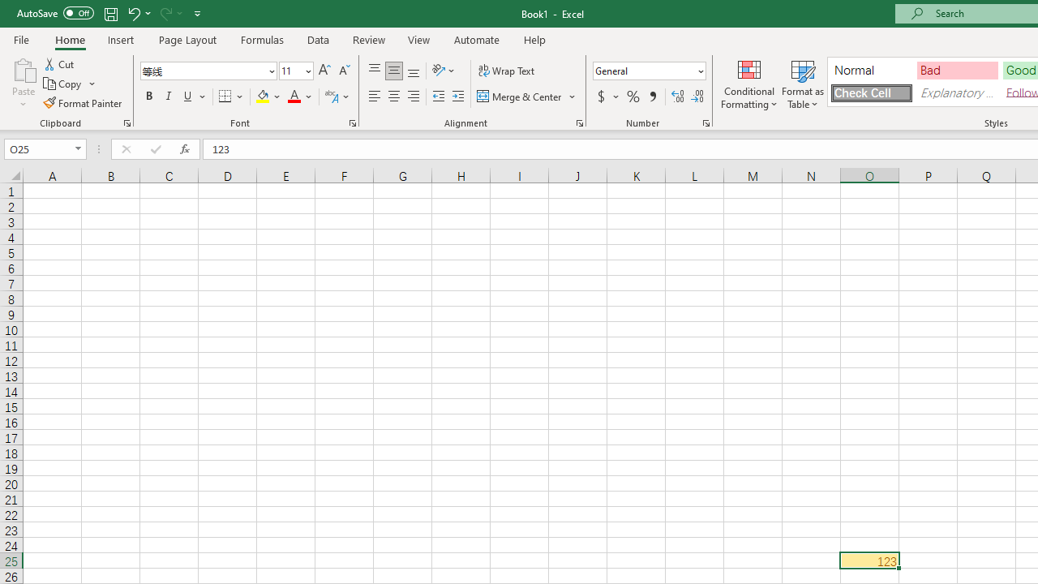 The width and height of the screenshot is (1038, 584). What do you see at coordinates (374, 70) in the screenshot?
I see `'Top Align'` at bounding box center [374, 70].